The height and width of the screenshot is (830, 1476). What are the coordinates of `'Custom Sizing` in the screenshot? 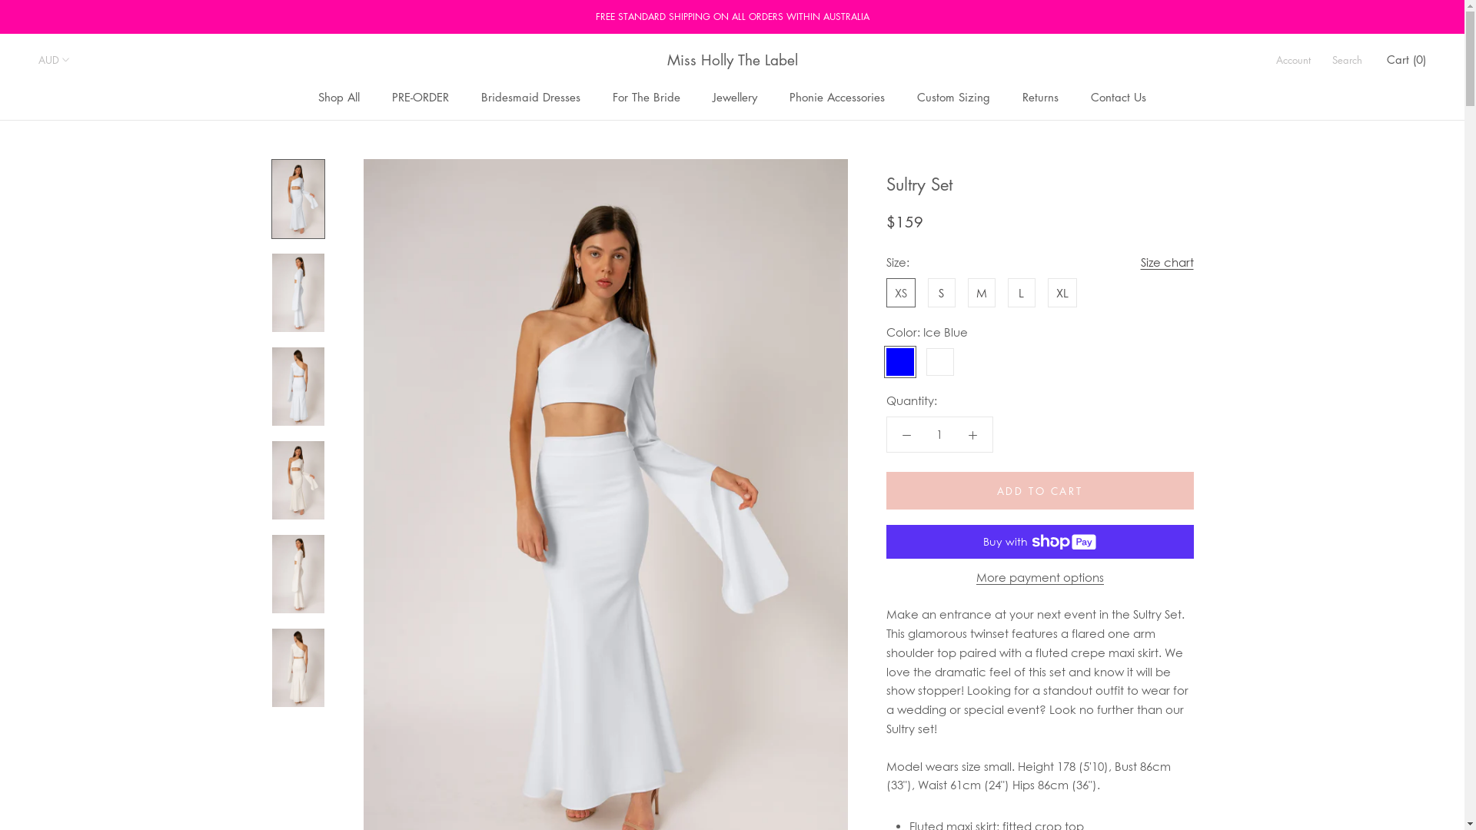 It's located at (917, 97).